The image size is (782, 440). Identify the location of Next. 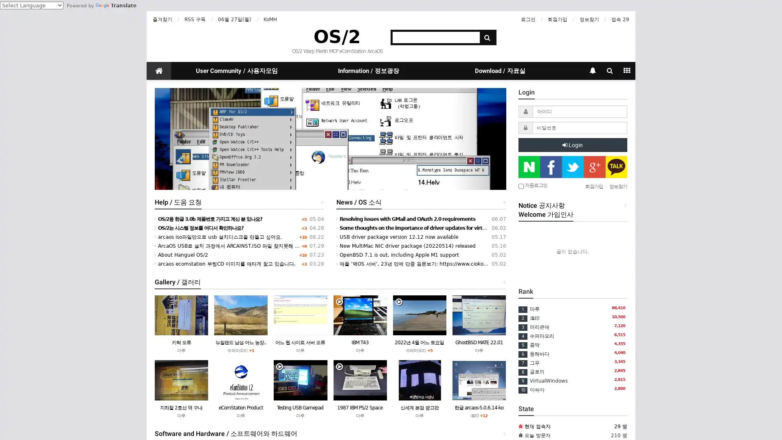
(479, 138).